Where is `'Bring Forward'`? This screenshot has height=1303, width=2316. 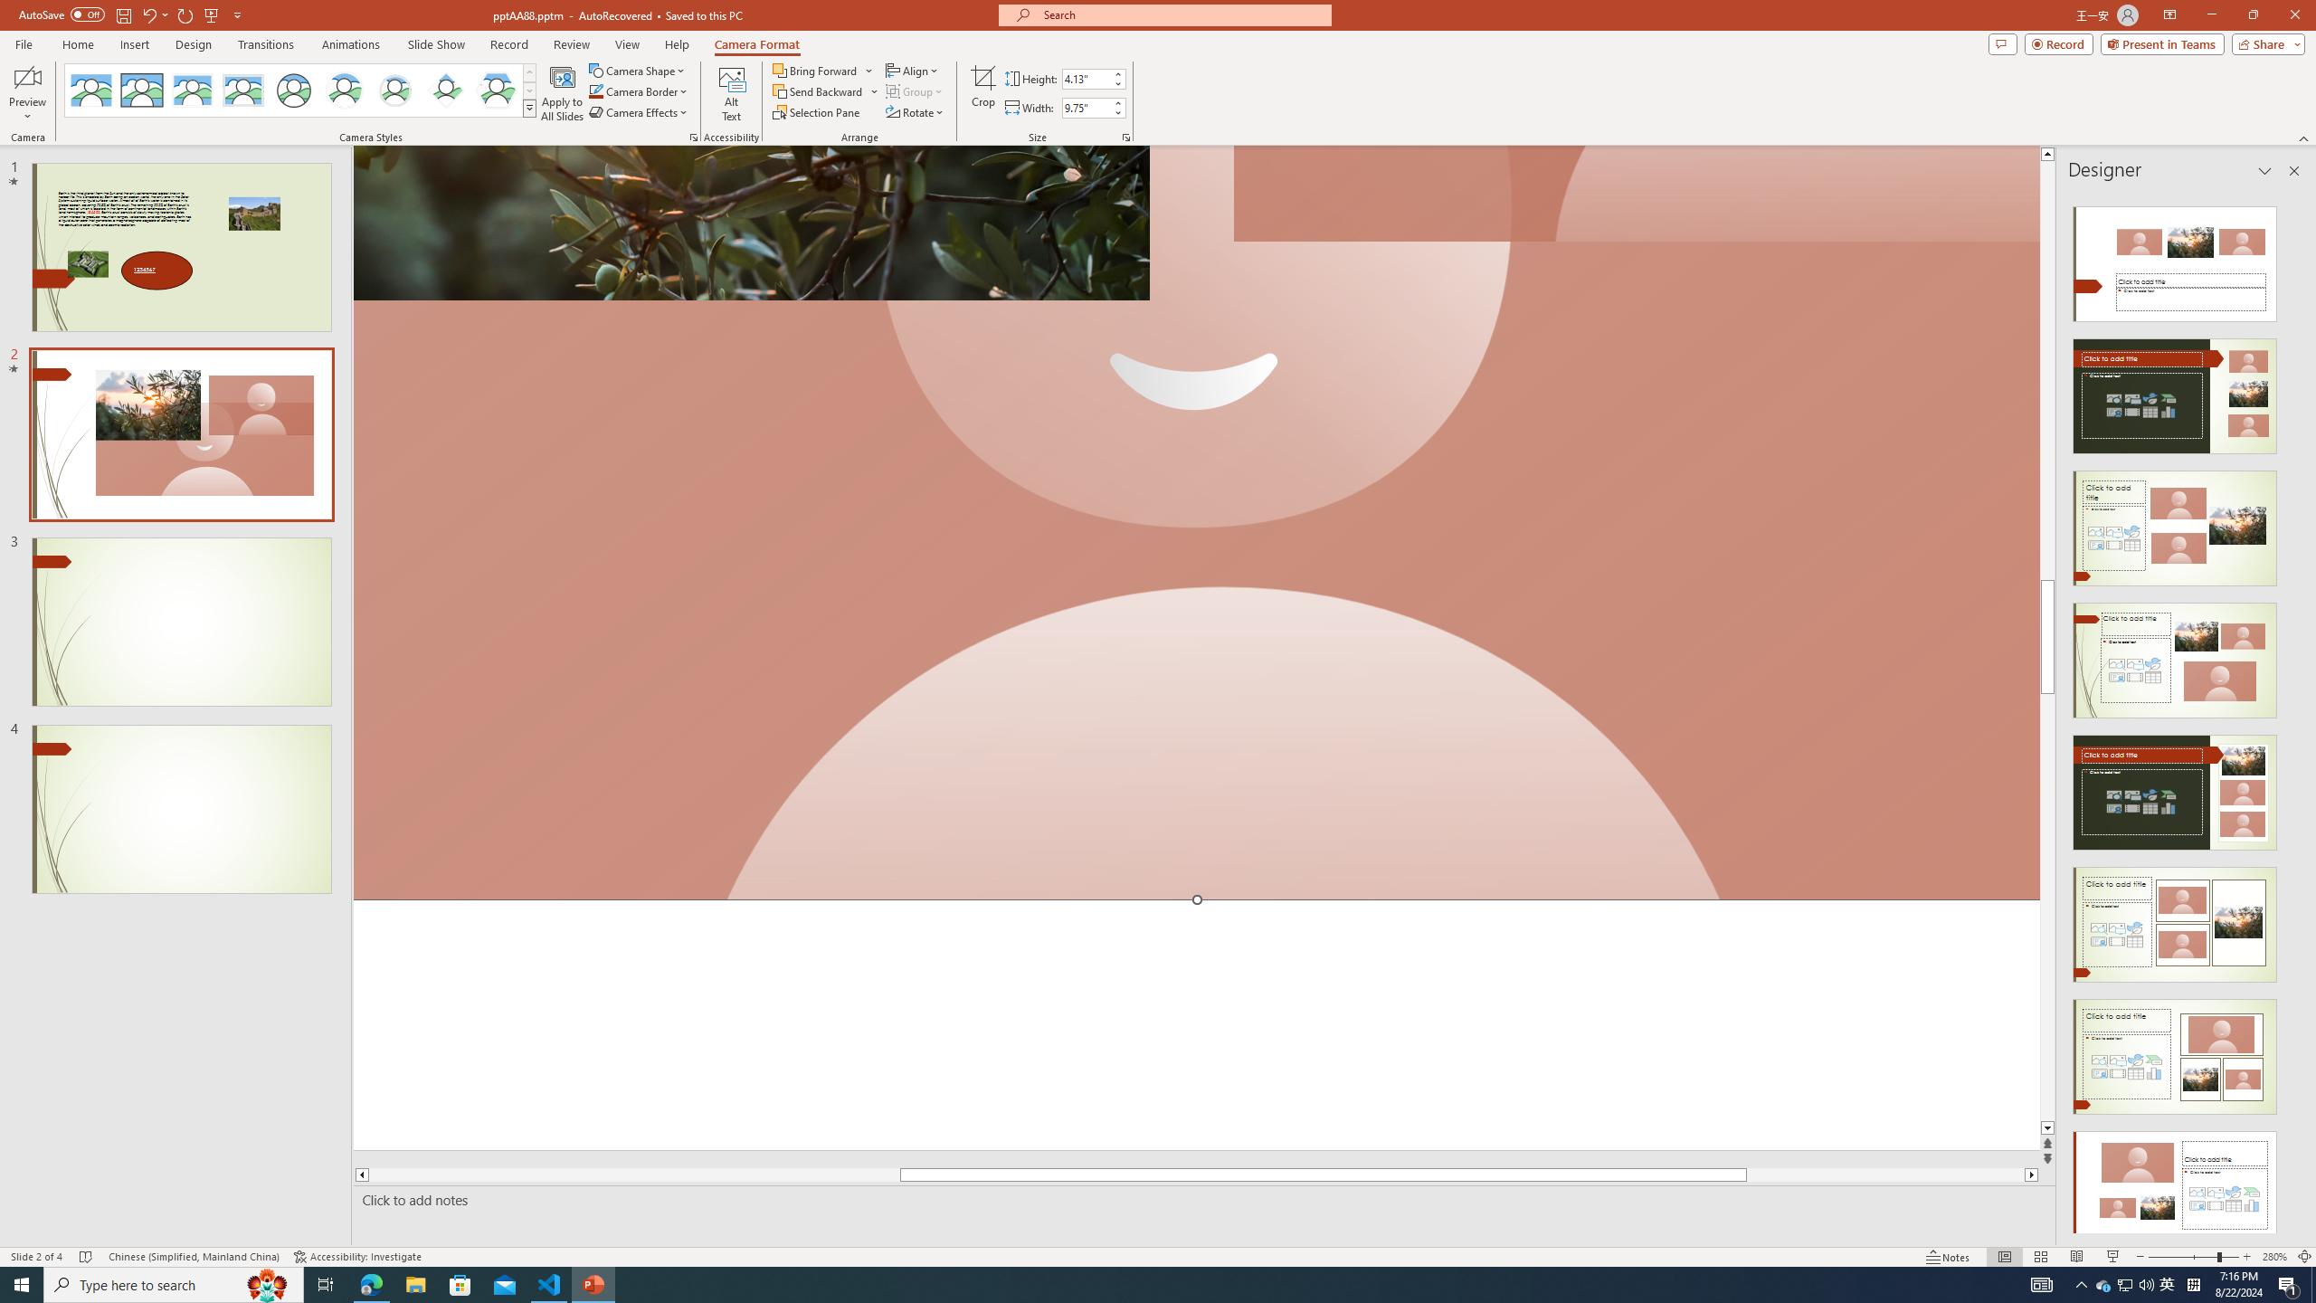
'Bring Forward' is located at coordinates (822, 70).